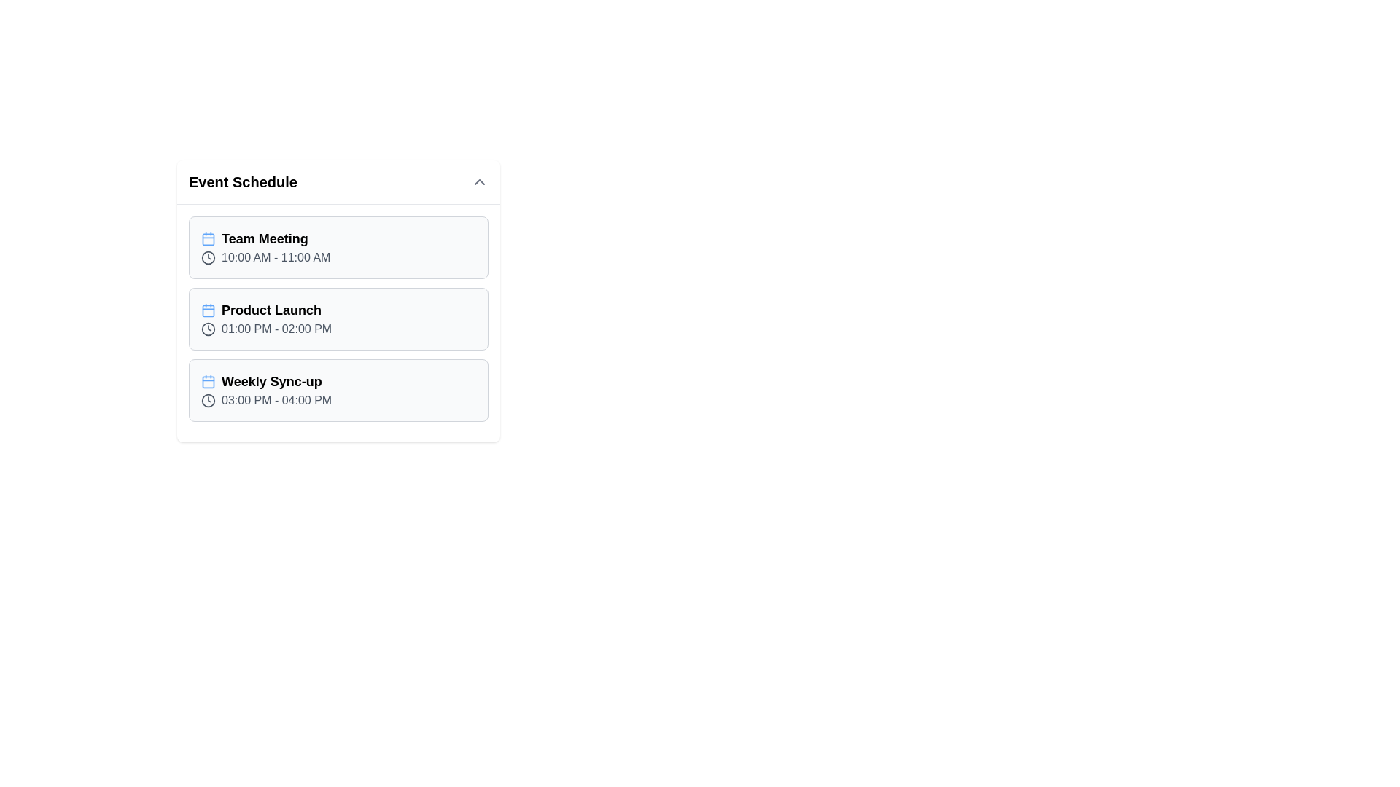  I want to click on the bold text element reading 'Event Schedule' at the top of its section, so click(243, 181).